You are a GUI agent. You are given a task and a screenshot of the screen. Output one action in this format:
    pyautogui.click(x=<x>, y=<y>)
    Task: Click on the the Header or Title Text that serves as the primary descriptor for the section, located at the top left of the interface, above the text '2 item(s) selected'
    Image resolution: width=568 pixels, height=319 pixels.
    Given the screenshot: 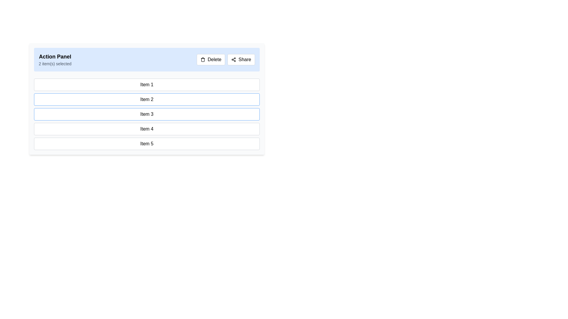 What is the action you would take?
    pyautogui.click(x=55, y=57)
    